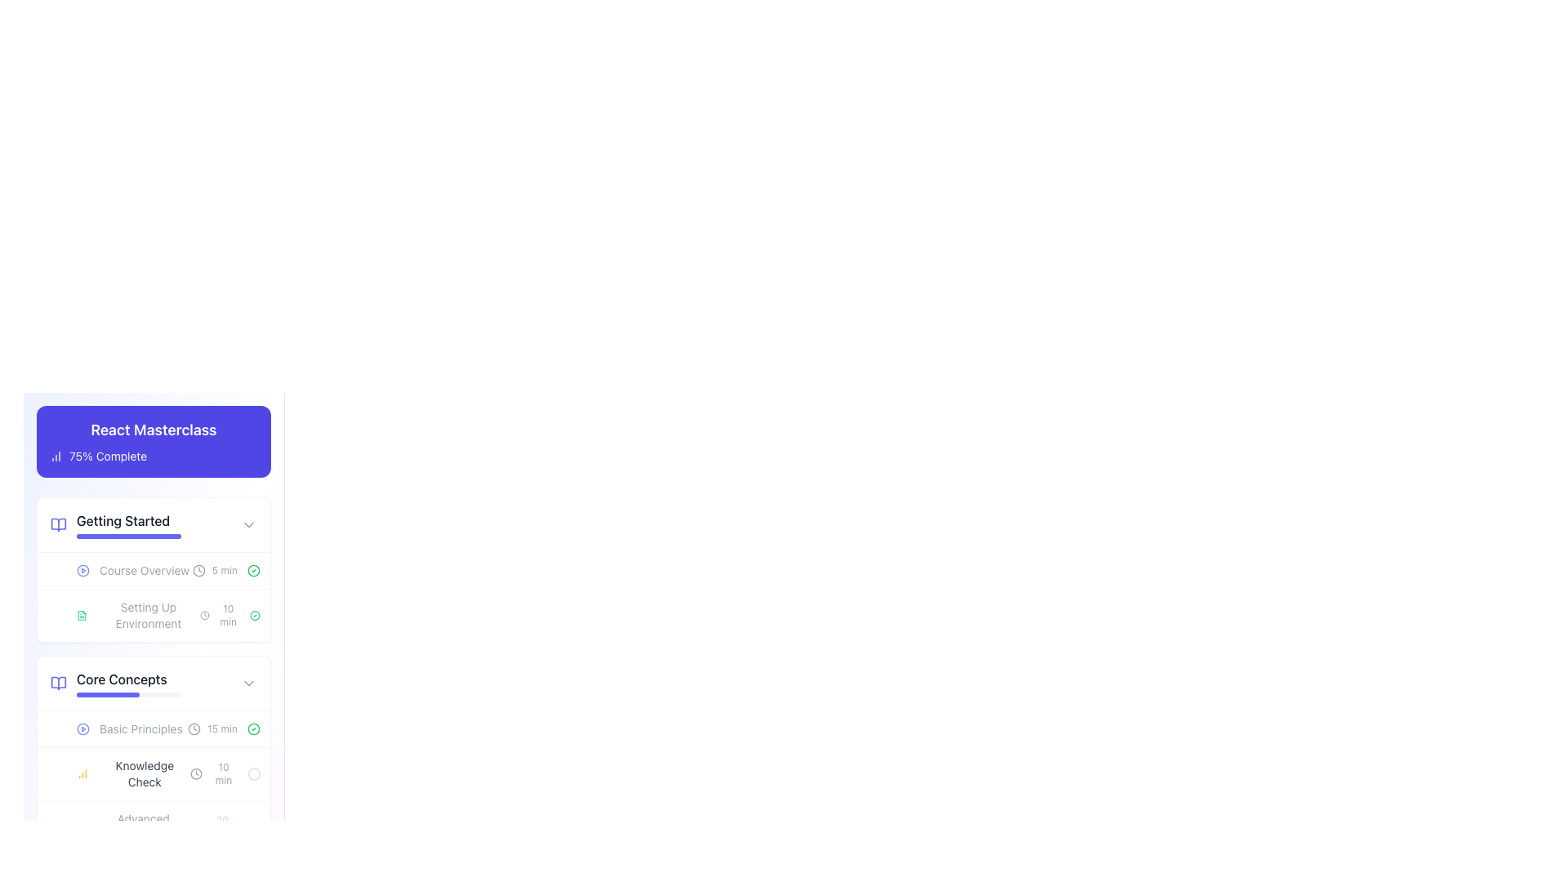  I want to click on the 'Getting Started' text label with a light gray bar located in the 'React Masterclass' section of the interface, so click(128, 525).